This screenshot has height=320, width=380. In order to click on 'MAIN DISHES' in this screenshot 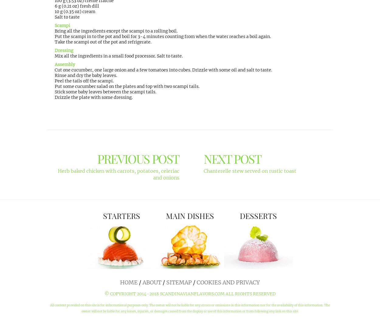, I will do `click(190, 216)`.